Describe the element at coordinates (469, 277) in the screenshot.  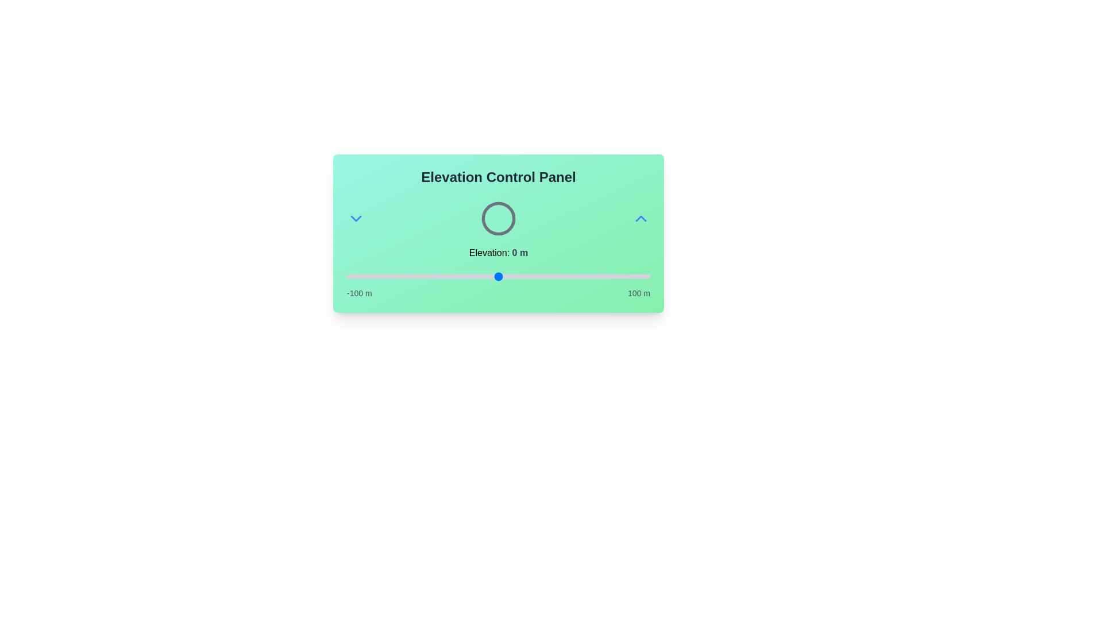
I see `the elevation to -19 meters using the slider` at that location.